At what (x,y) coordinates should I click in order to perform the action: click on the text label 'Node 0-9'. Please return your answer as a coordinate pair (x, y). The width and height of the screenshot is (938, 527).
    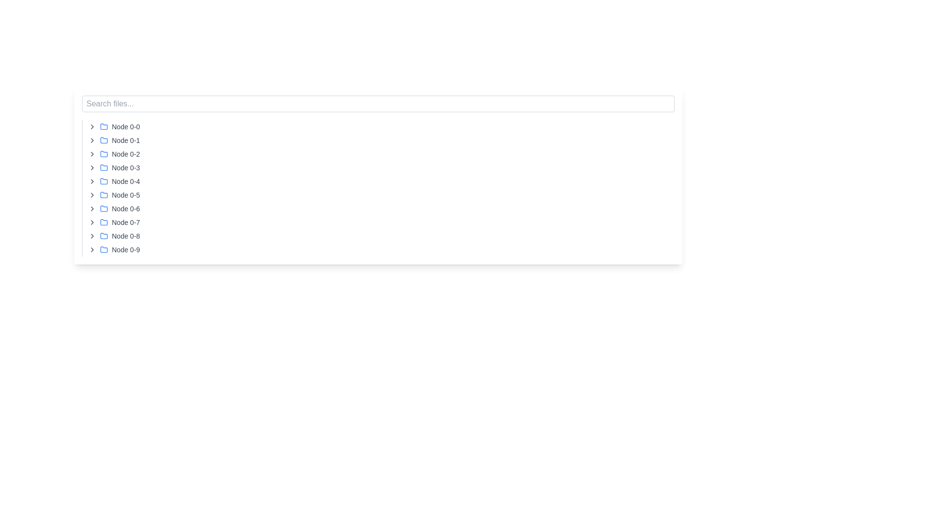
    Looking at the image, I should click on (125, 249).